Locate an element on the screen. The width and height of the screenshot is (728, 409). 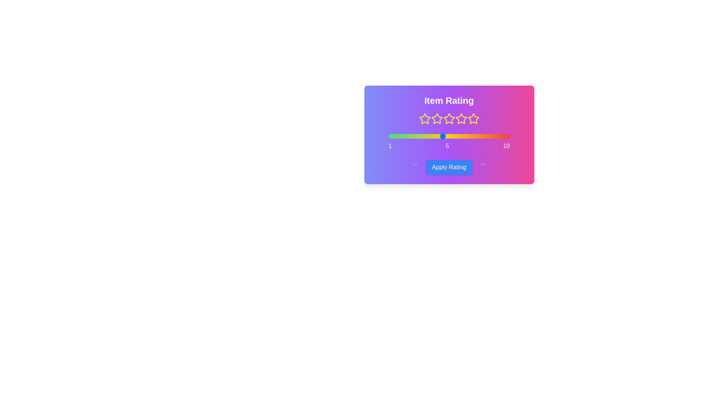
the slider to set the rating to 2 within the range of 1 to 10 is located at coordinates (402, 136).